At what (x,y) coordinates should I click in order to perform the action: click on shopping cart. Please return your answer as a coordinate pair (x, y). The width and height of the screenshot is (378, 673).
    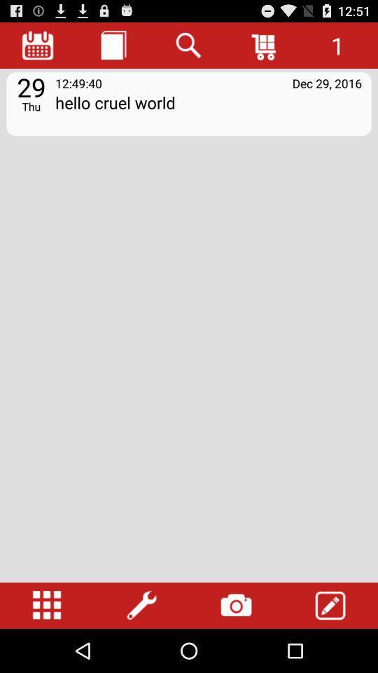
    Looking at the image, I should click on (265, 45).